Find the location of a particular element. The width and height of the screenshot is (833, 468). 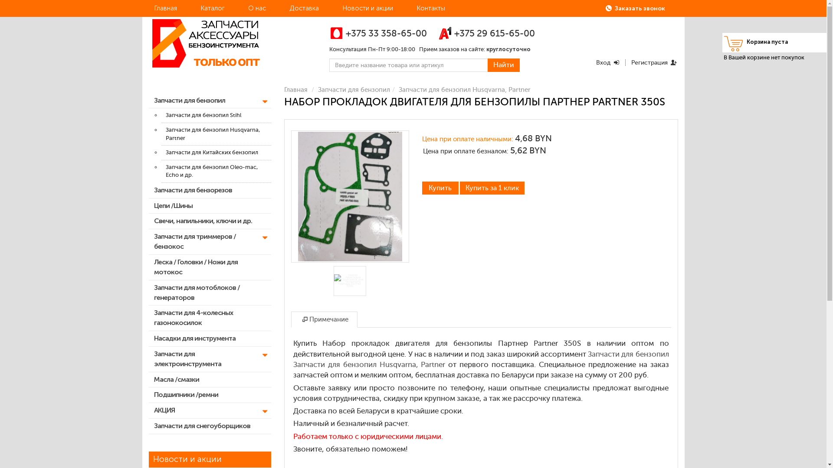

'+375 29 615-65-00' is located at coordinates (486, 33).